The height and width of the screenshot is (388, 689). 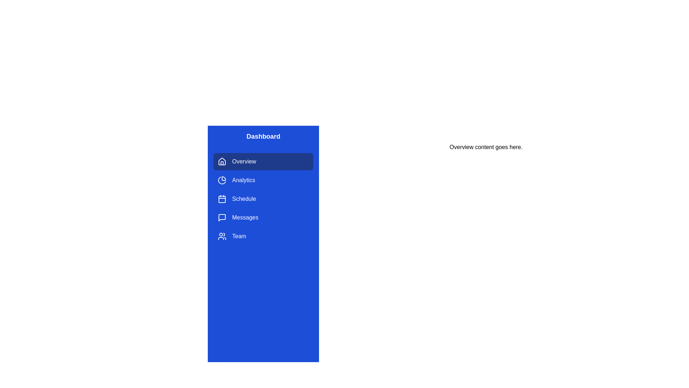 What do you see at coordinates (222, 217) in the screenshot?
I see `the 'Messages' icon located in the left-hand vertical navigation menu, which serves as a visual cue for the associated navigation button` at bounding box center [222, 217].